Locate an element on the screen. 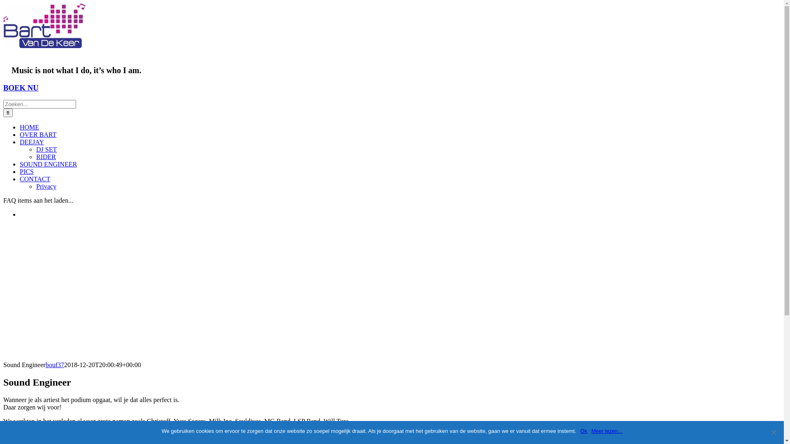 The image size is (790, 444). 'SOUND ENGINEER' is located at coordinates (48, 164).